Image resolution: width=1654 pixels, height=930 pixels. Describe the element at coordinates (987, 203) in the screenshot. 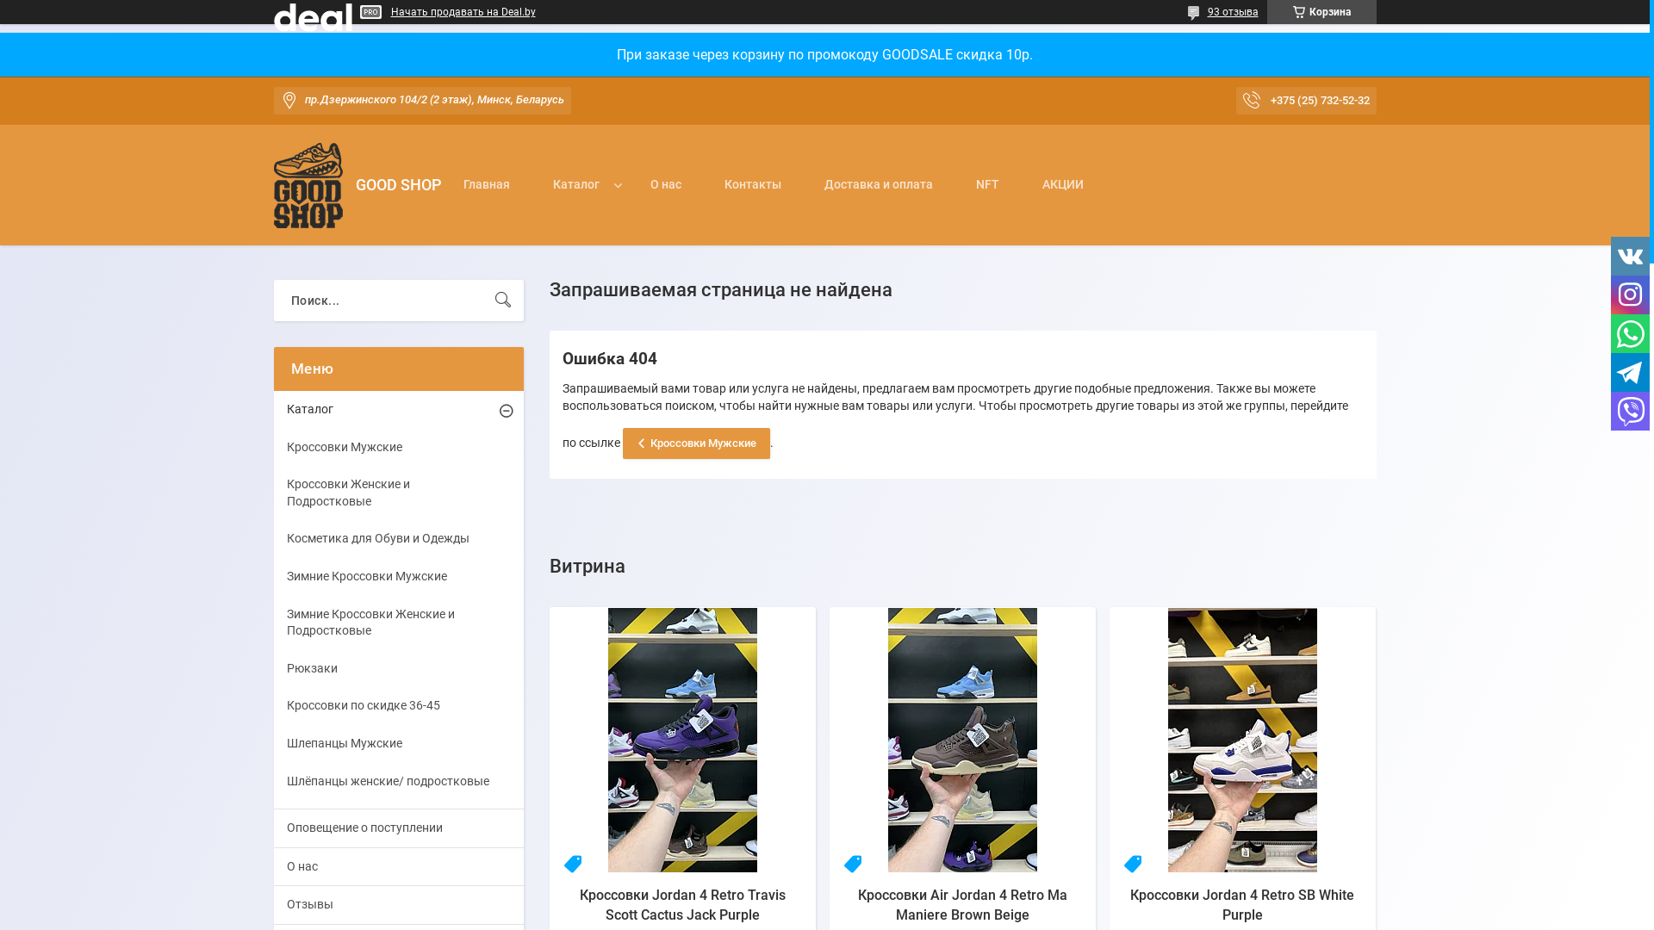

I see `'NFT'` at that location.